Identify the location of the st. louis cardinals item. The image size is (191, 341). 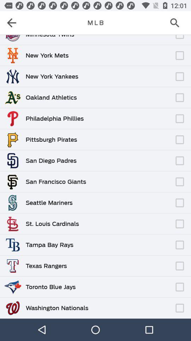
(52, 223).